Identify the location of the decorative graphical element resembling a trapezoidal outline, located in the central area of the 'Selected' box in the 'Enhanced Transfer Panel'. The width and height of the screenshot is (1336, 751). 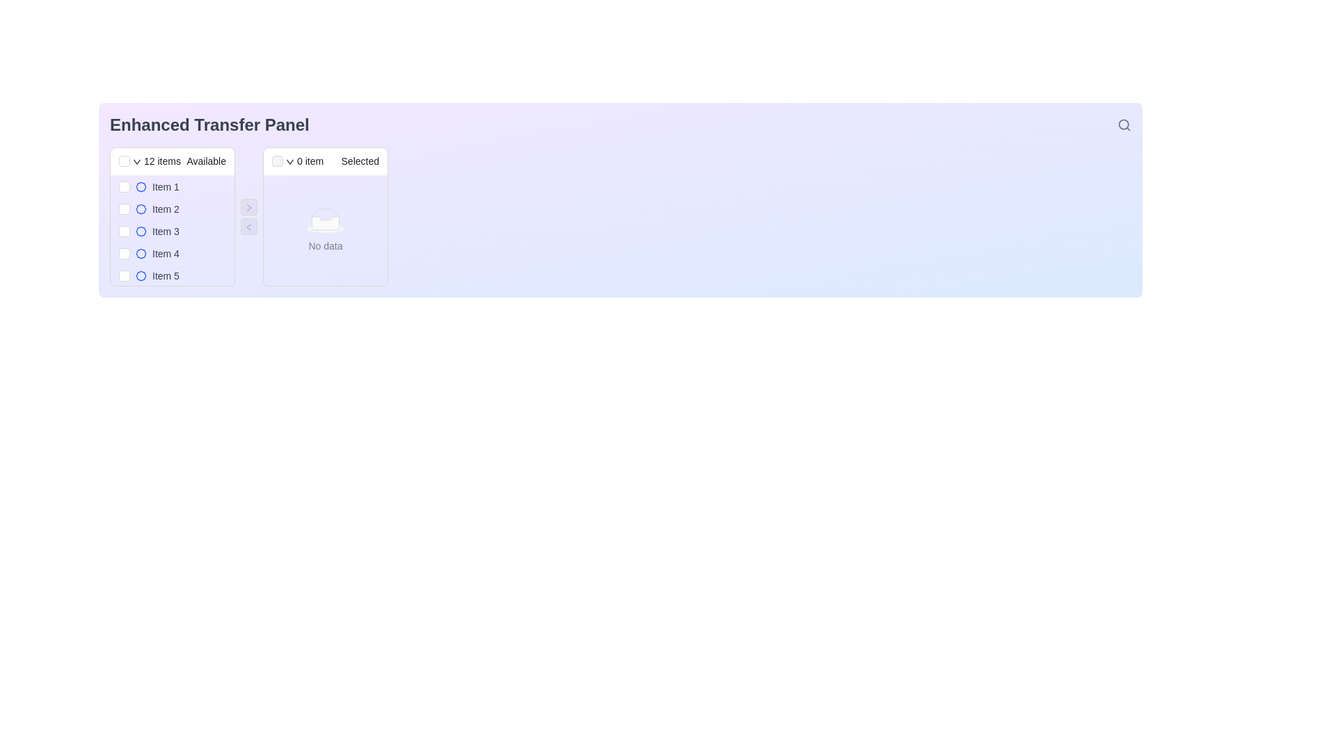
(324, 214).